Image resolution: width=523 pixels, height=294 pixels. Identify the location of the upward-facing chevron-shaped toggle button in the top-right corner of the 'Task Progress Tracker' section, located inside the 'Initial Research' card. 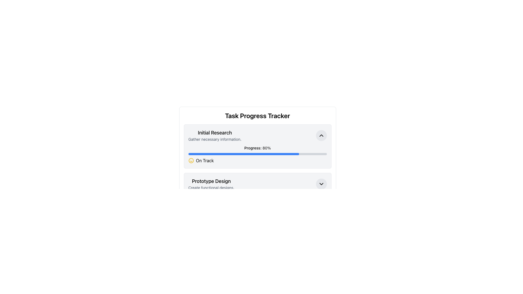
(321, 135).